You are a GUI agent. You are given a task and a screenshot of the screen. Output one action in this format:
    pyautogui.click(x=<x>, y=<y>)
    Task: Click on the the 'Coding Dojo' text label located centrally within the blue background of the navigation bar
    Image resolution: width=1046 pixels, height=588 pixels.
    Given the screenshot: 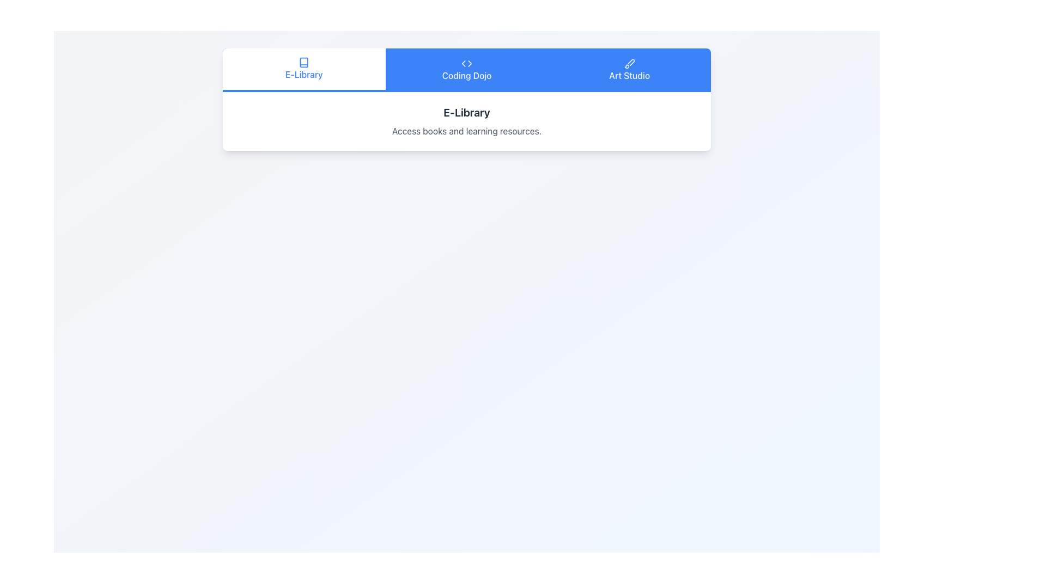 What is the action you would take?
    pyautogui.click(x=467, y=75)
    